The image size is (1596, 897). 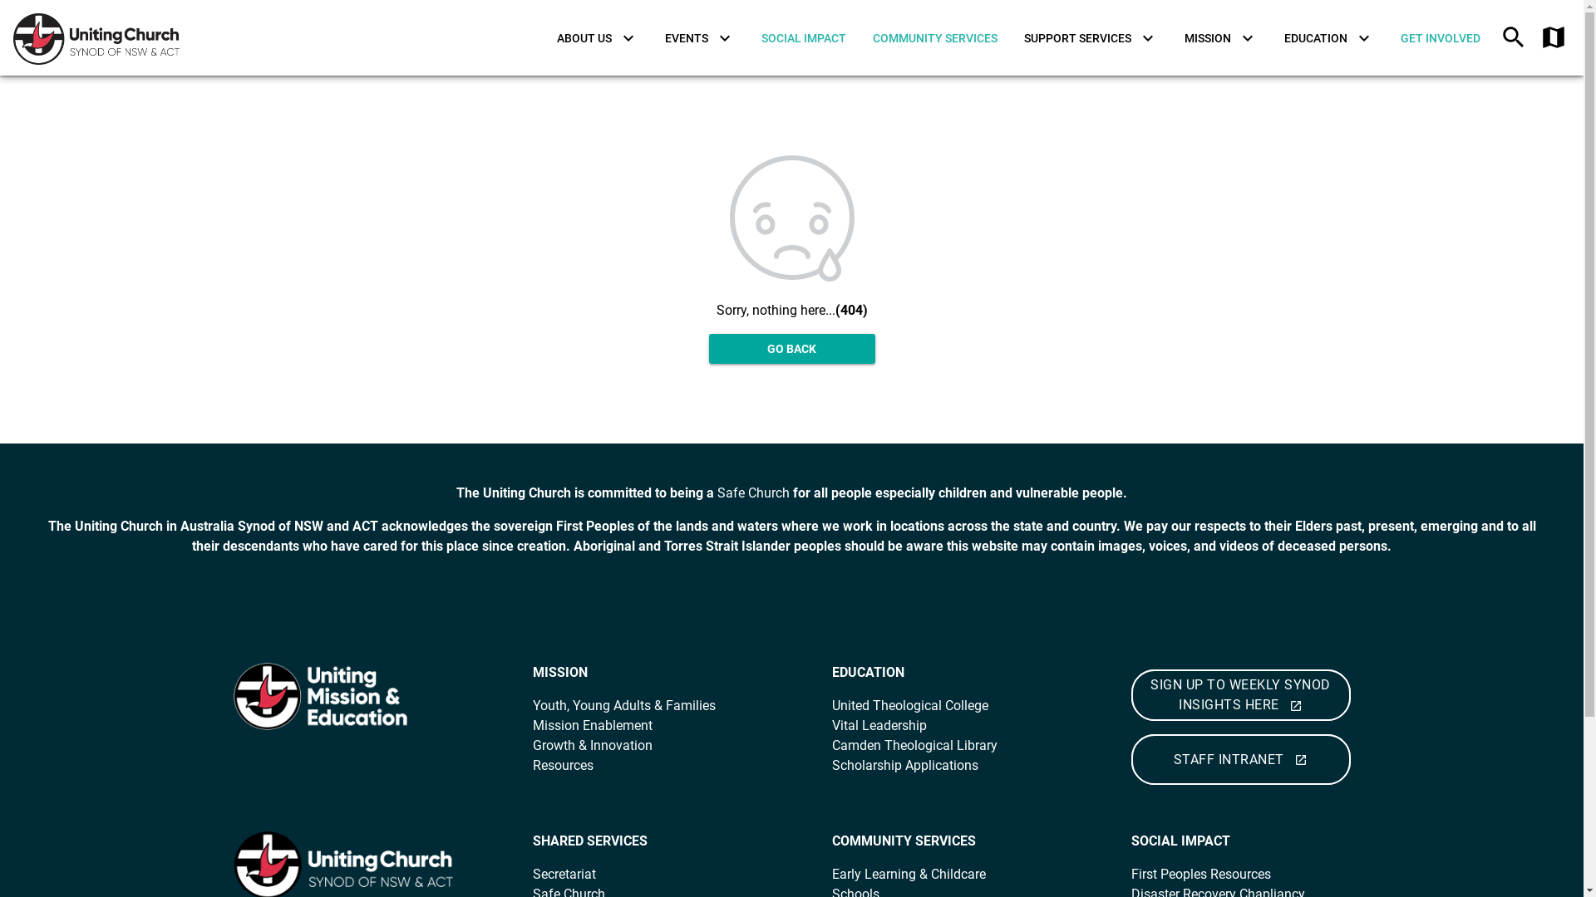 What do you see at coordinates (622, 705) in the screenshot?
I see `'Youth, Young Adults & Families'` at bounding box center [622, 705].